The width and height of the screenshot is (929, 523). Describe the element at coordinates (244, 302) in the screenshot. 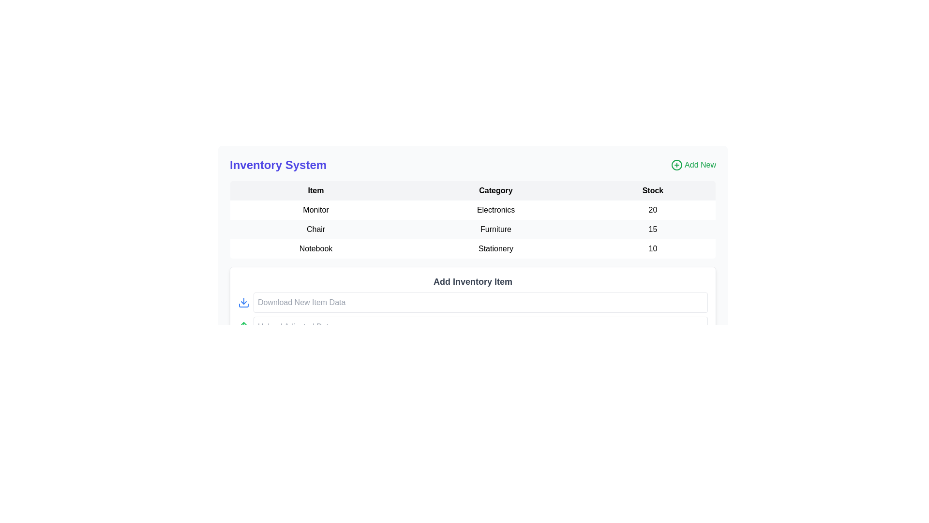

I see `the Download icon, which resembles a blue downward arrow enclosed in a square frame, located below the 'Inventory System' table in the 'Add Inventory Item' section` at that location.